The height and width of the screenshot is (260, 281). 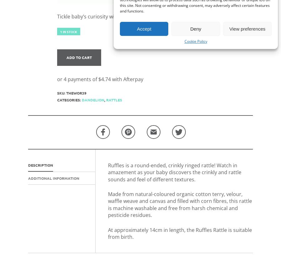 What do you see at coordinates (77, 79) in the screenshot?
I see `'or 4 payments of'` at bounding box center [77, 79].